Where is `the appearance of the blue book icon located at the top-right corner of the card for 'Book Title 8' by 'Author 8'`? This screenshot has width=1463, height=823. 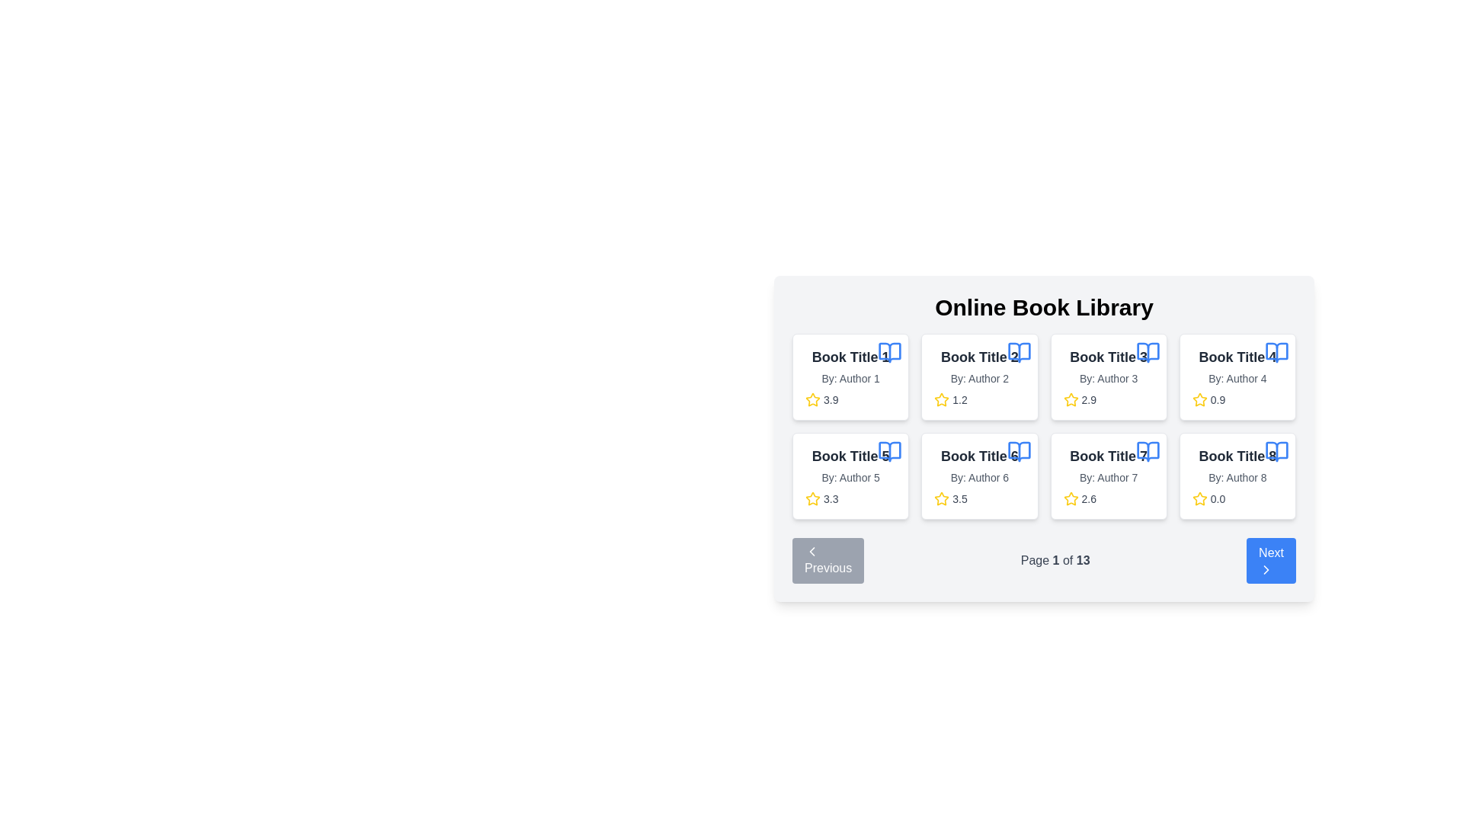 the appearance of the blue book icon located at the top-right corner of the card for 'Book Title 8' by 'Author 8' is located at coordinates (1276, 451).